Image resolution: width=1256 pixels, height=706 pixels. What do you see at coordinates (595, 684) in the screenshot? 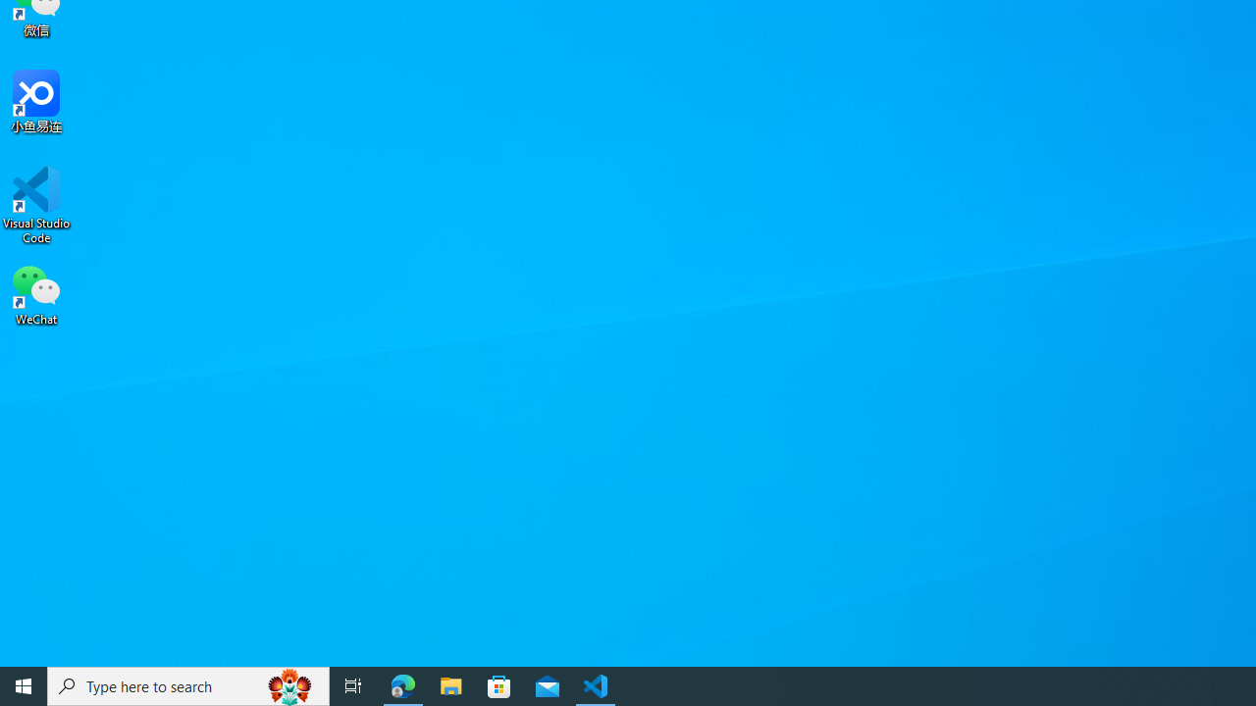
I see `'Visual Studio Code - 1 running window'` at bounding box center [595, 684].